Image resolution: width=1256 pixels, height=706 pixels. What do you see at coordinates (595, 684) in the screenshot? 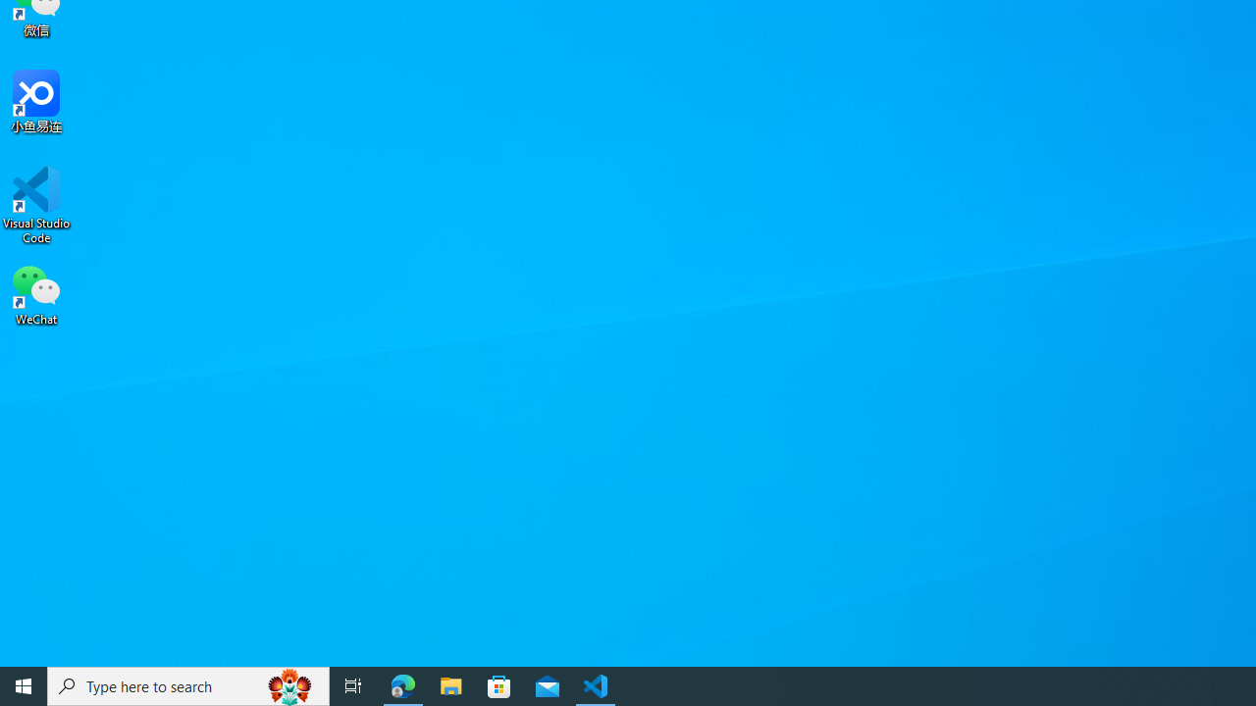
I see `'Visual Studio Code - 1 running window'` at bounding box center [595, 684].